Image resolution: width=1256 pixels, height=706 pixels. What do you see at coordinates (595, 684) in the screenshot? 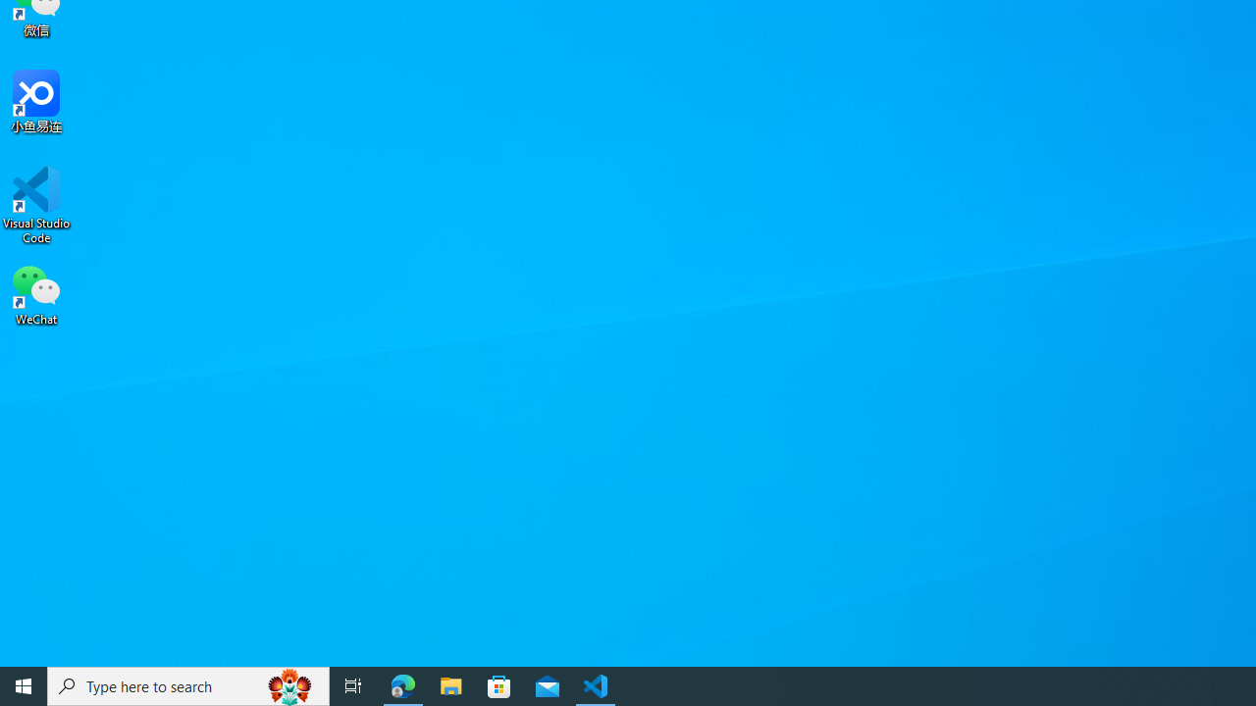
I see `'Visual Studio Code - 1 running window'` at bounding box center [595, 684].